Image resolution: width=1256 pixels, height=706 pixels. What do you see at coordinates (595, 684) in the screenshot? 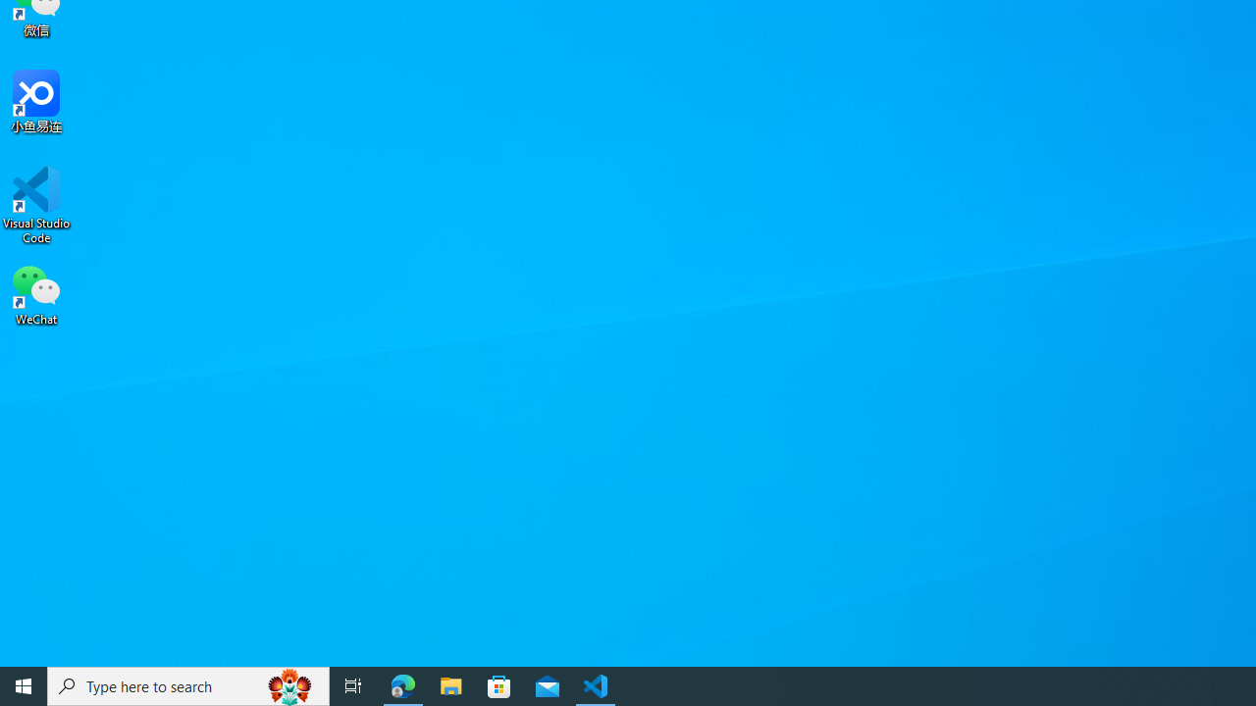
I see `'Visual Studio Code - 1 running window'` at bounding box center [595, 684].